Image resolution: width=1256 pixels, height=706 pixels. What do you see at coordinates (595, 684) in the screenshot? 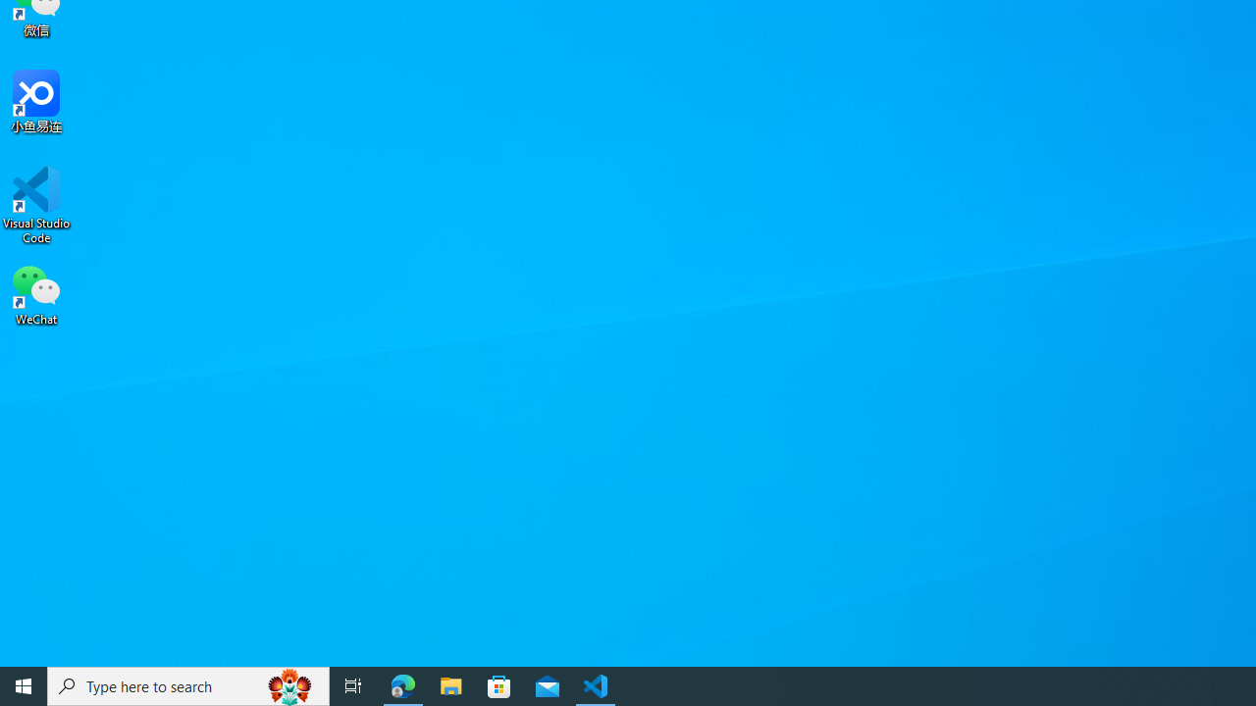
I see `'Visual Studio Code - 1 running window'` at bounding box center [595, 684].